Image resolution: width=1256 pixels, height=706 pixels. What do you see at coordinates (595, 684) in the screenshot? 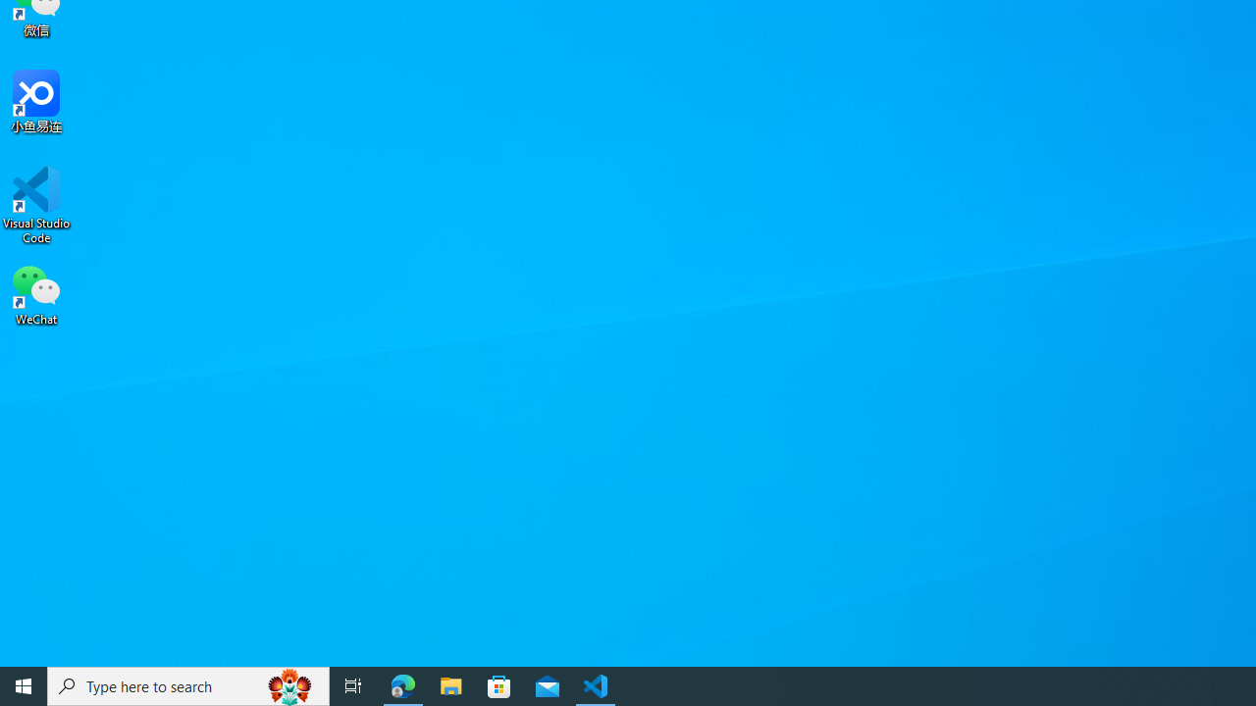
I see `'Visual Studio Code - 1 running window'` at bounding box center [595, 684].